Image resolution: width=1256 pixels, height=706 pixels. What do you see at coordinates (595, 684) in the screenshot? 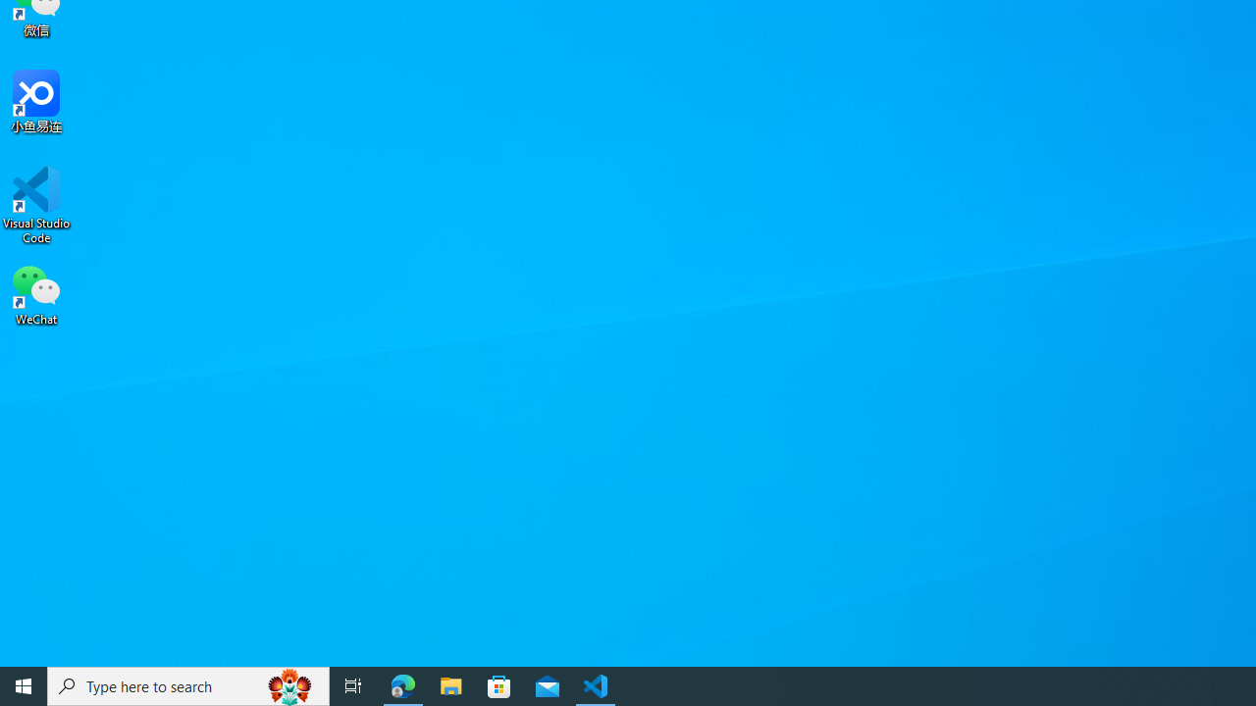
I see `'Visual Studio Code - 1 running window'` at bounding box center [595, 684].